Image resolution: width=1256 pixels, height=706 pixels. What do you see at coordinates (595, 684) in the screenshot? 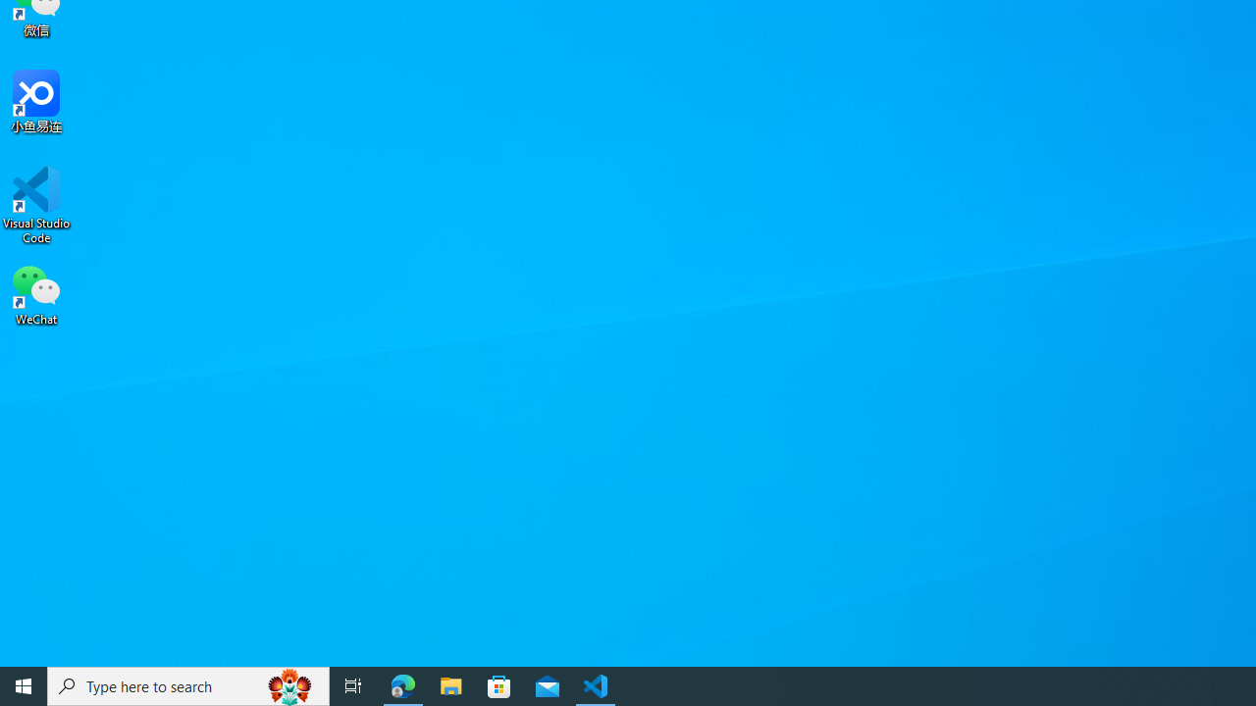
I see `'Visual Studio Code - 1 running window'` at bounding box center [595, 684].